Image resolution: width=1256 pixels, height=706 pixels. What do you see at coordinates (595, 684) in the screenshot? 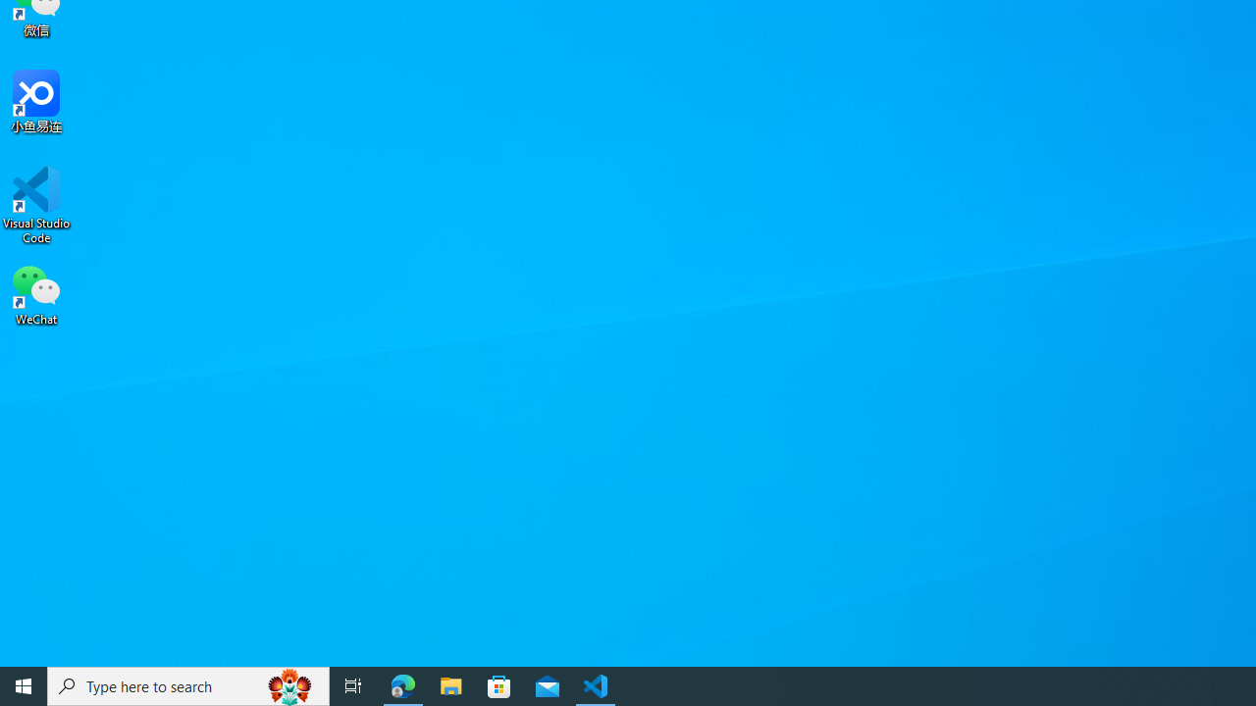
I see `'Visual Studio Code - 1 running window'` at bounding box center [595, 684].